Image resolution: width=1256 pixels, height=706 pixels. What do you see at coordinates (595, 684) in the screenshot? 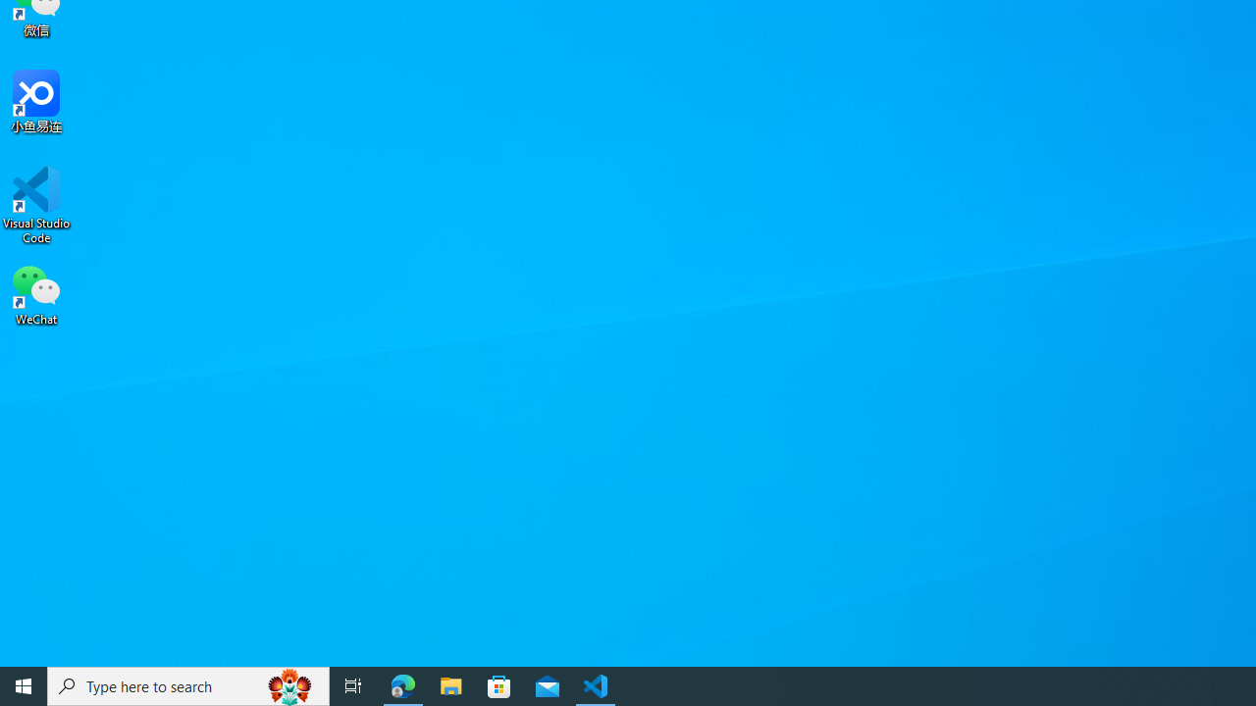
I see `'Visual Studio Code - 1 running window'` at bounding box center [595, 684].